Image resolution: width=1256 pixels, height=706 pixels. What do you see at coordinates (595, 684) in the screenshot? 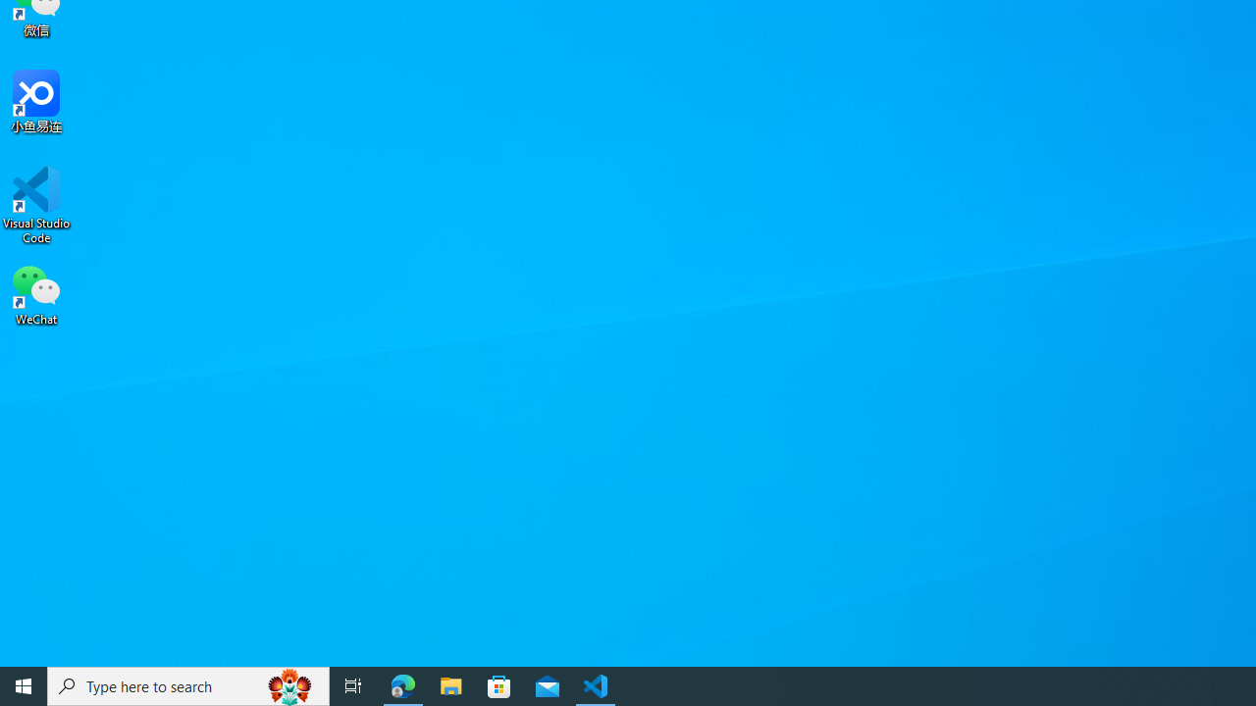
I see `'Visual Studio Code - 1 running window'` at bounding box center [595, 684].